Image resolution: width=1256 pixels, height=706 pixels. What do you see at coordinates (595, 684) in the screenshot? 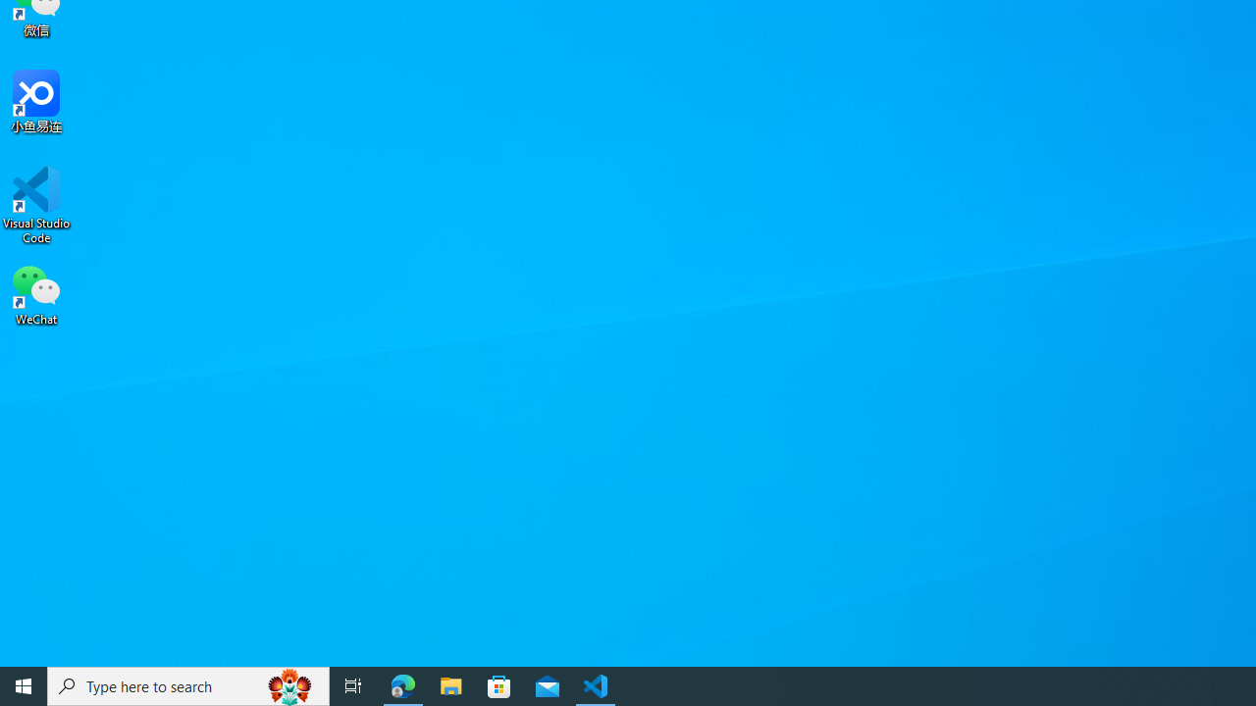
I see `'Visual Studio Code - 1 running window'` at bounding box center [595, 684].